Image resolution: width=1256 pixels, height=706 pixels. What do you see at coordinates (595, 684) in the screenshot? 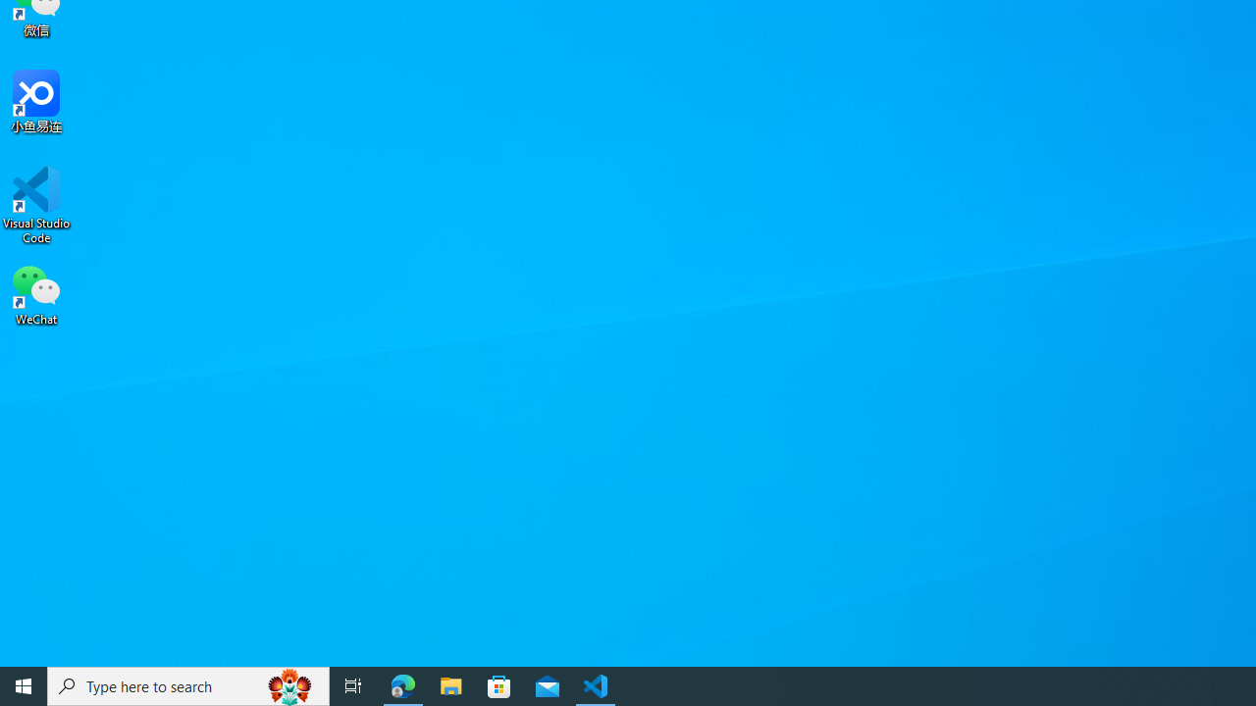
I see `'Visual Studio Code - 1 running window'` at bounding box center [595, 684].